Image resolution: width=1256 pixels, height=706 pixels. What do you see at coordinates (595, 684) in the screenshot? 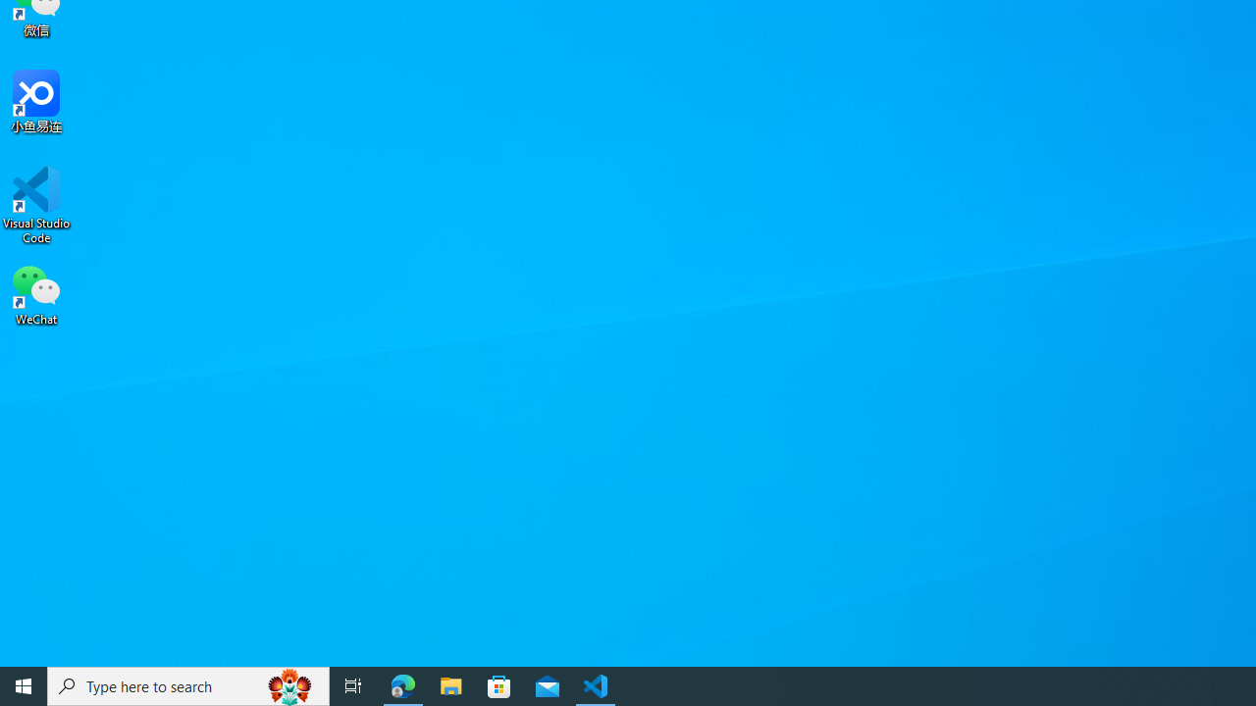
I see `'Visual Studio Code - 1 running window'` at bounding box center [595, 684].